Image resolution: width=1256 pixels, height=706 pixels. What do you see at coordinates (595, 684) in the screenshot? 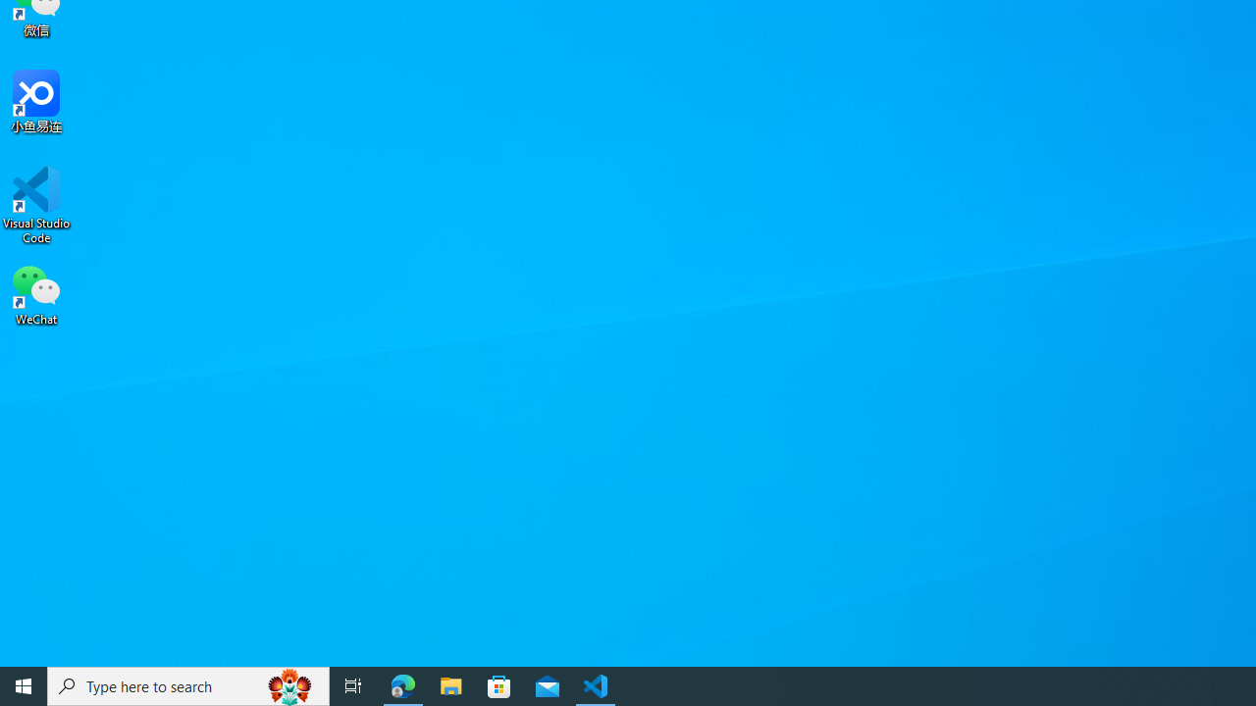
I see `'Visual Studio Code - 1 running window'` at bounding box center [595, 684].